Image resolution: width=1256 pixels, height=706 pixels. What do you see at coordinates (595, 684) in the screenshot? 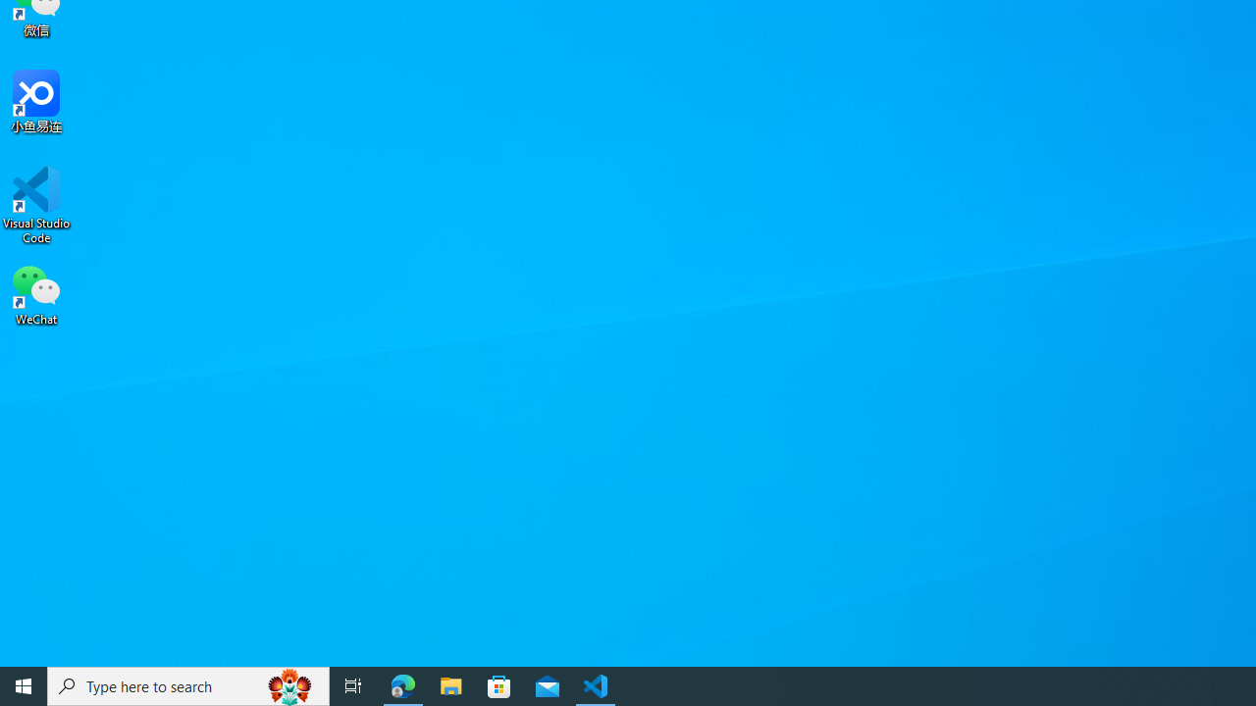
I see `'Visual Studio Code - 1 running window'` at bounding box center [595, 684].